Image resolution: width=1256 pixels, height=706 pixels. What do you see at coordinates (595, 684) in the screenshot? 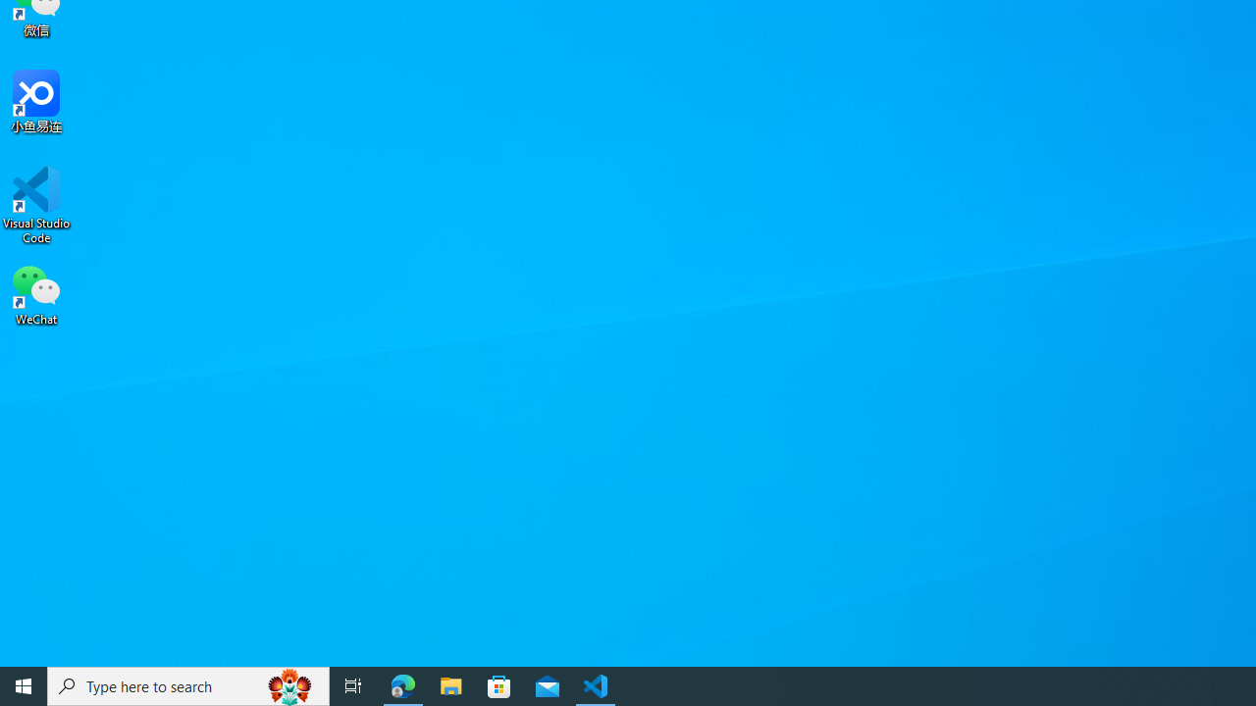
I see `'Visual Studio Code - 1 running window'` at bounding box center [595, 684].